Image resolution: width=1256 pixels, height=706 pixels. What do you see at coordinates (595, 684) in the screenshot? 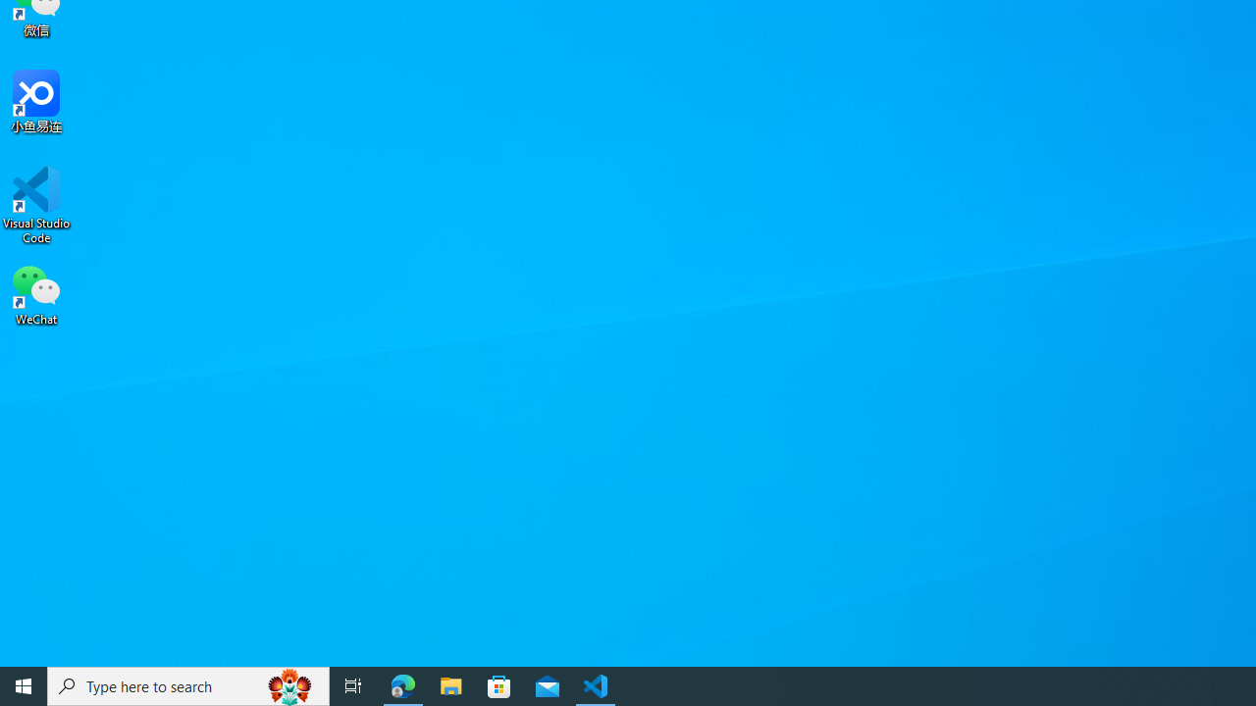
I see `'Visual Studio Code - 1 running window'` at bounding box center [595, 684].